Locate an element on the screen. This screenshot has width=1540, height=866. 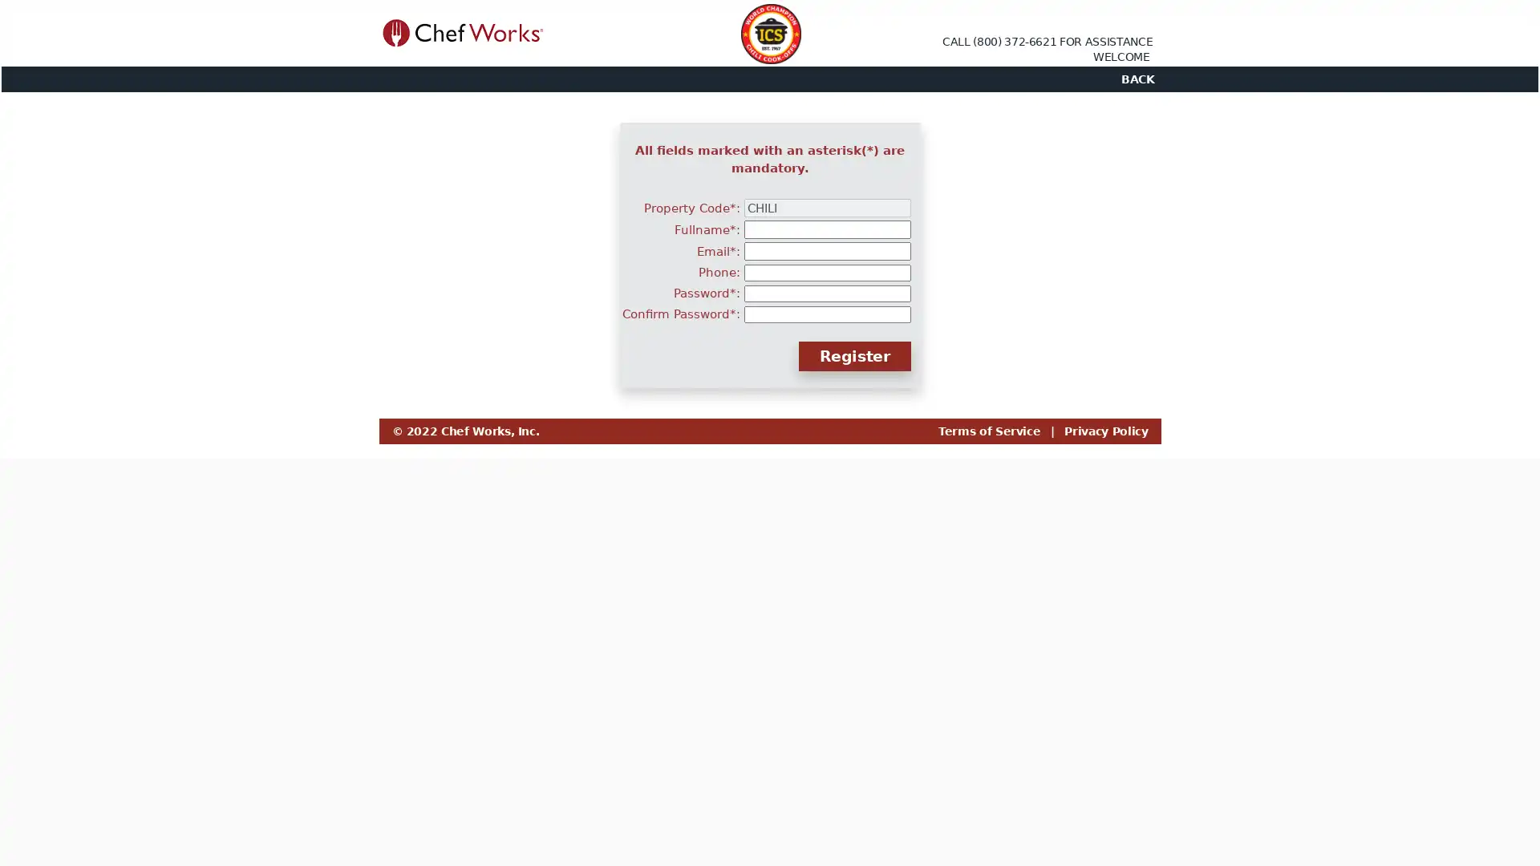
BACK is located at coordinates (1136, 79).